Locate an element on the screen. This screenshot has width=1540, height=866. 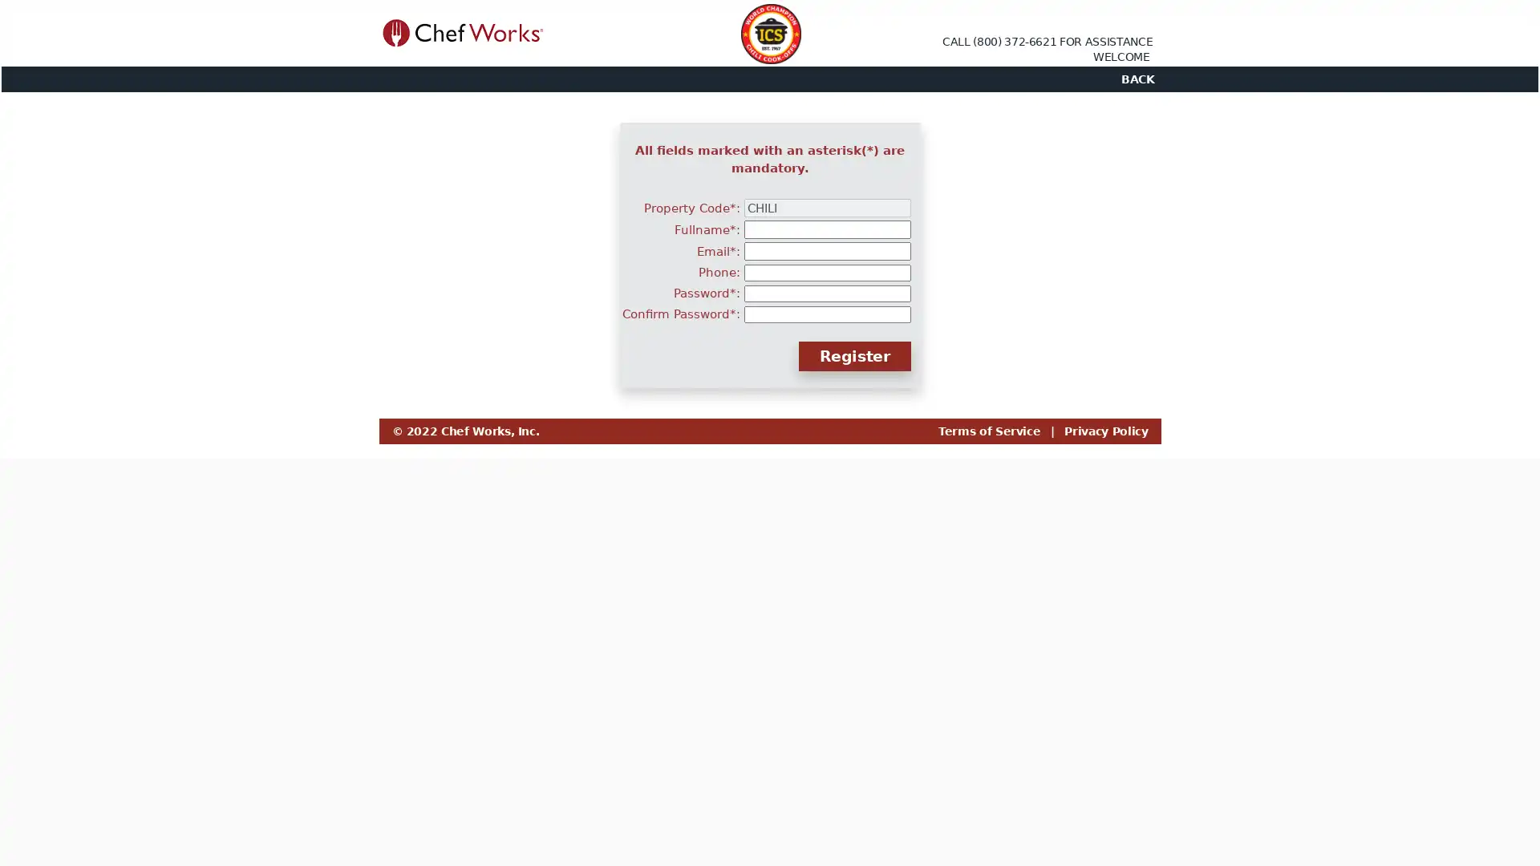
BACK is located at coordinates (1136, 79).